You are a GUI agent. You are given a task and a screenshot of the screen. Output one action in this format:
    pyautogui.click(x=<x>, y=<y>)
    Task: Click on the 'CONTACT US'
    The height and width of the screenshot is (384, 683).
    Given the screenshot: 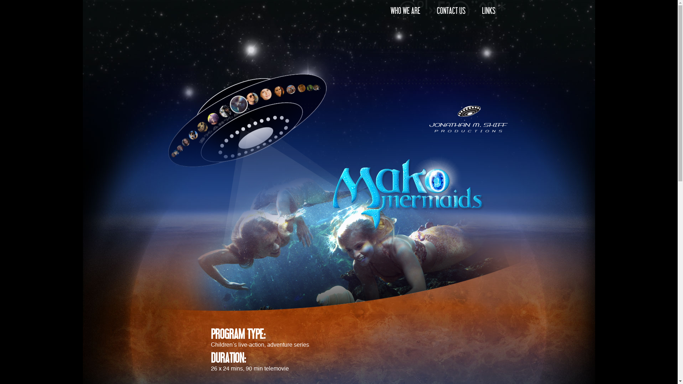 What is the action you would take?
    pyautogui.click(x=451, y=11)
    